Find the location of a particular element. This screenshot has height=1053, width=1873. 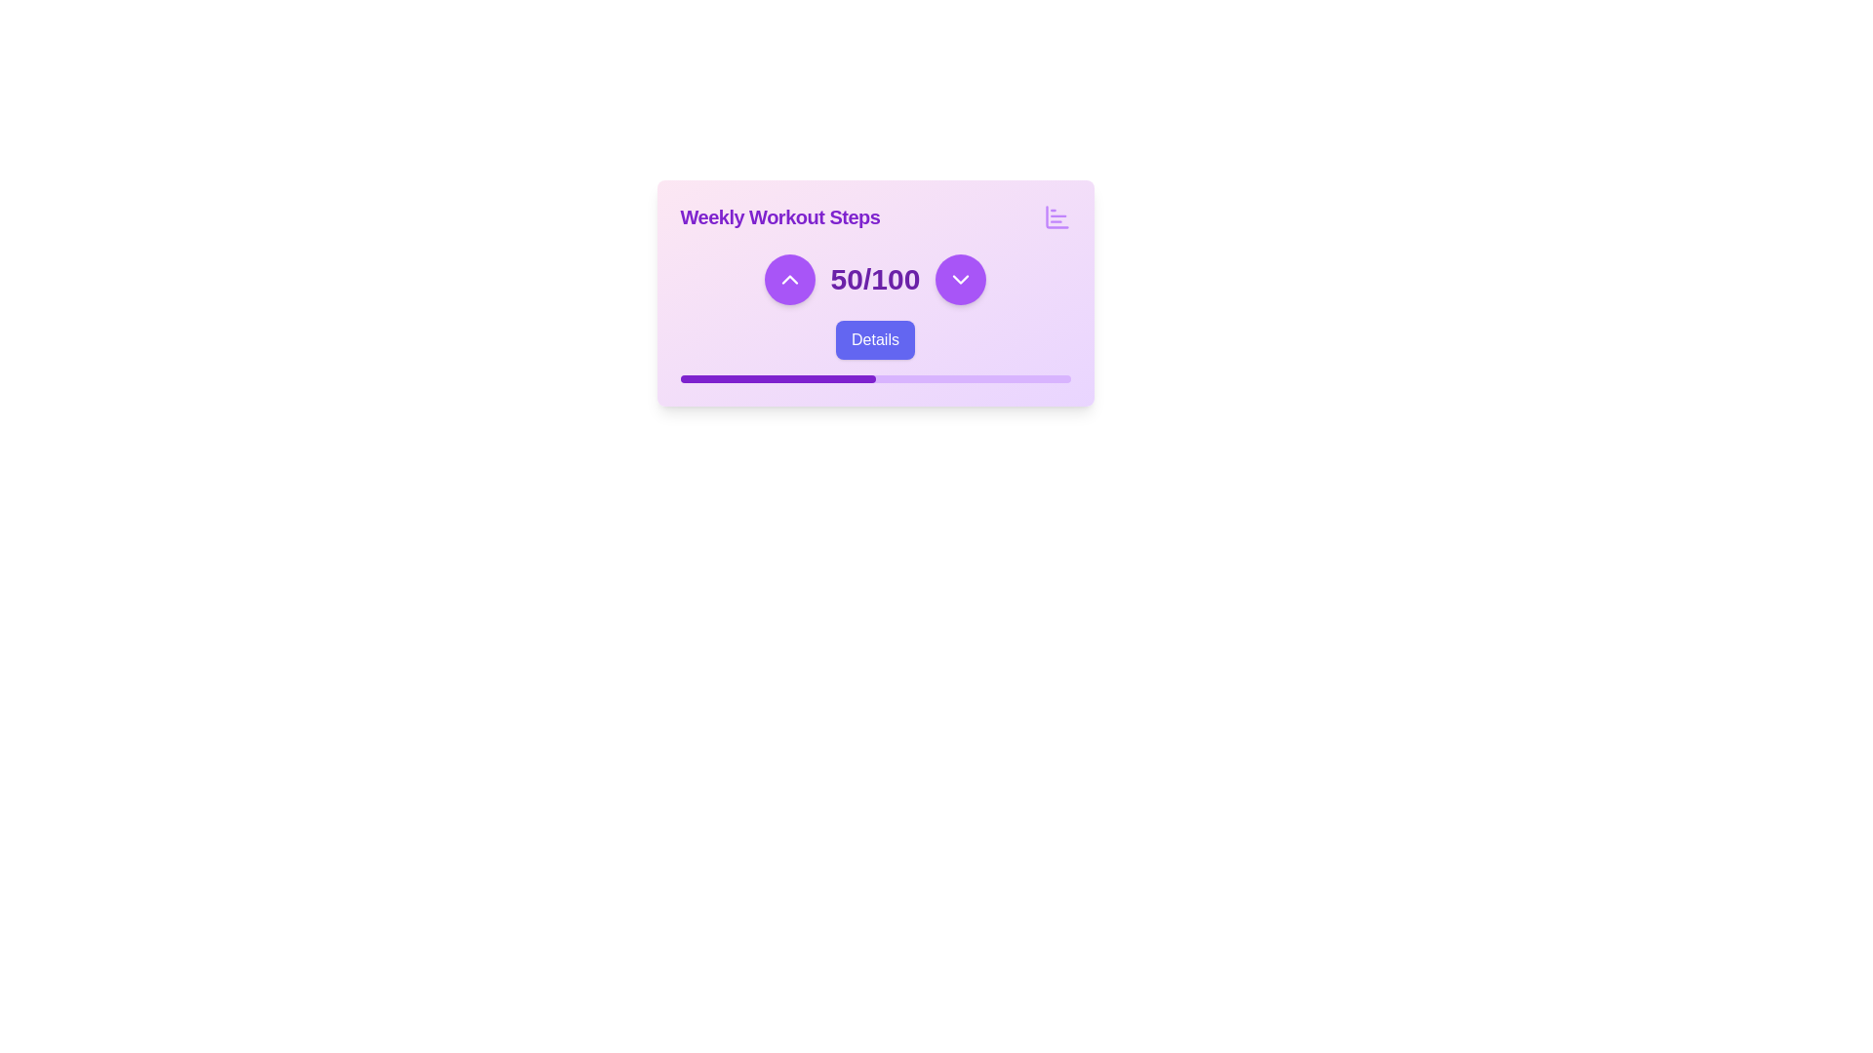

the title text 'Weekly Workout Steps' which is styled in bold purple font on a gradient violet background, located at the top of the card layout is located at coordinates (874, 217).